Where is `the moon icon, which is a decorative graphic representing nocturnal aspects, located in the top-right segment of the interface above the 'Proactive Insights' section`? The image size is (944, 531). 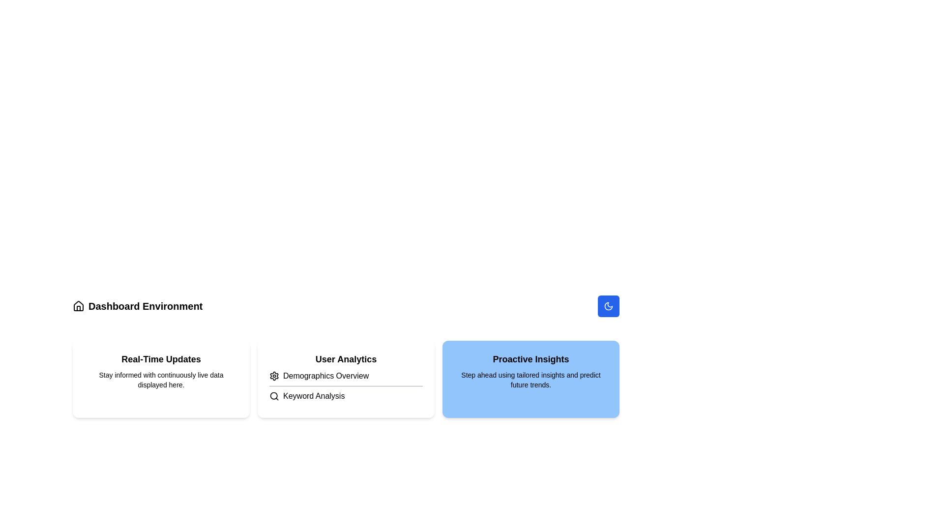 the moon icon, which is a decorative graphic representing nocturnal aspects, located in the top-right segment of the interface above the 'Proactive Insights' section is located at coordinates (608, 306).